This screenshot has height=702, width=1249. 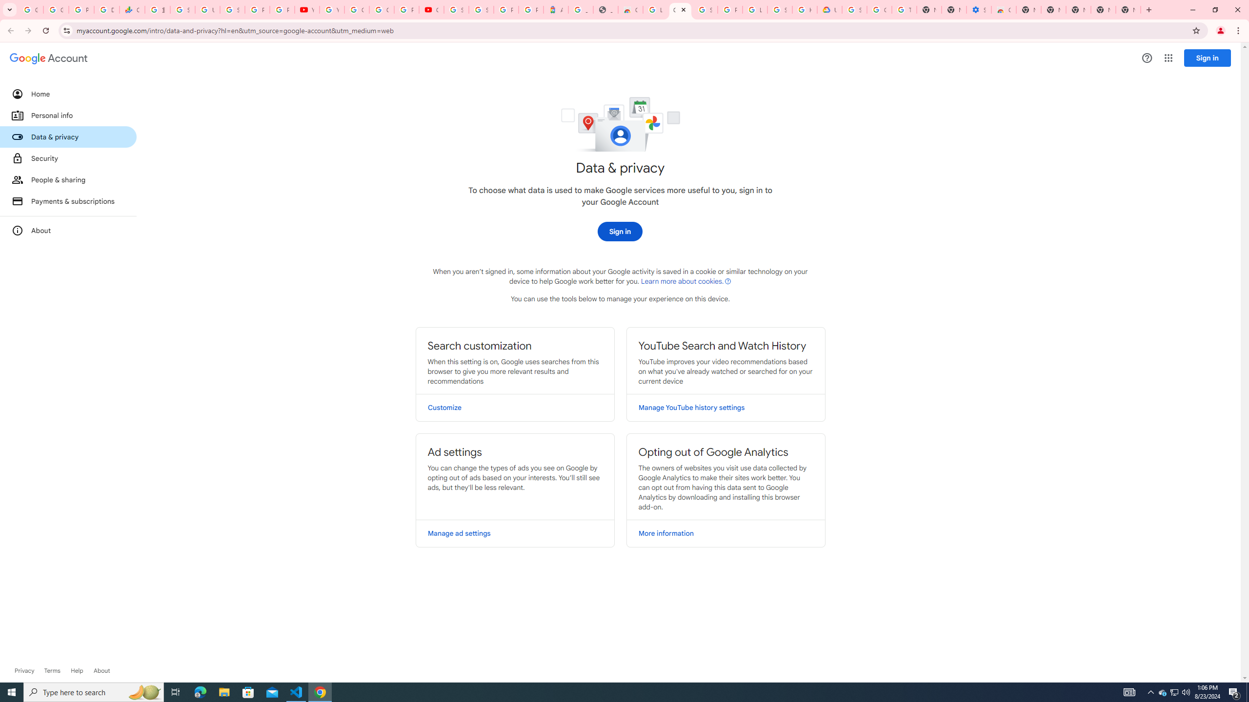 I want to click on 'Manage YouTube history settings', so click(x=725, y=407).